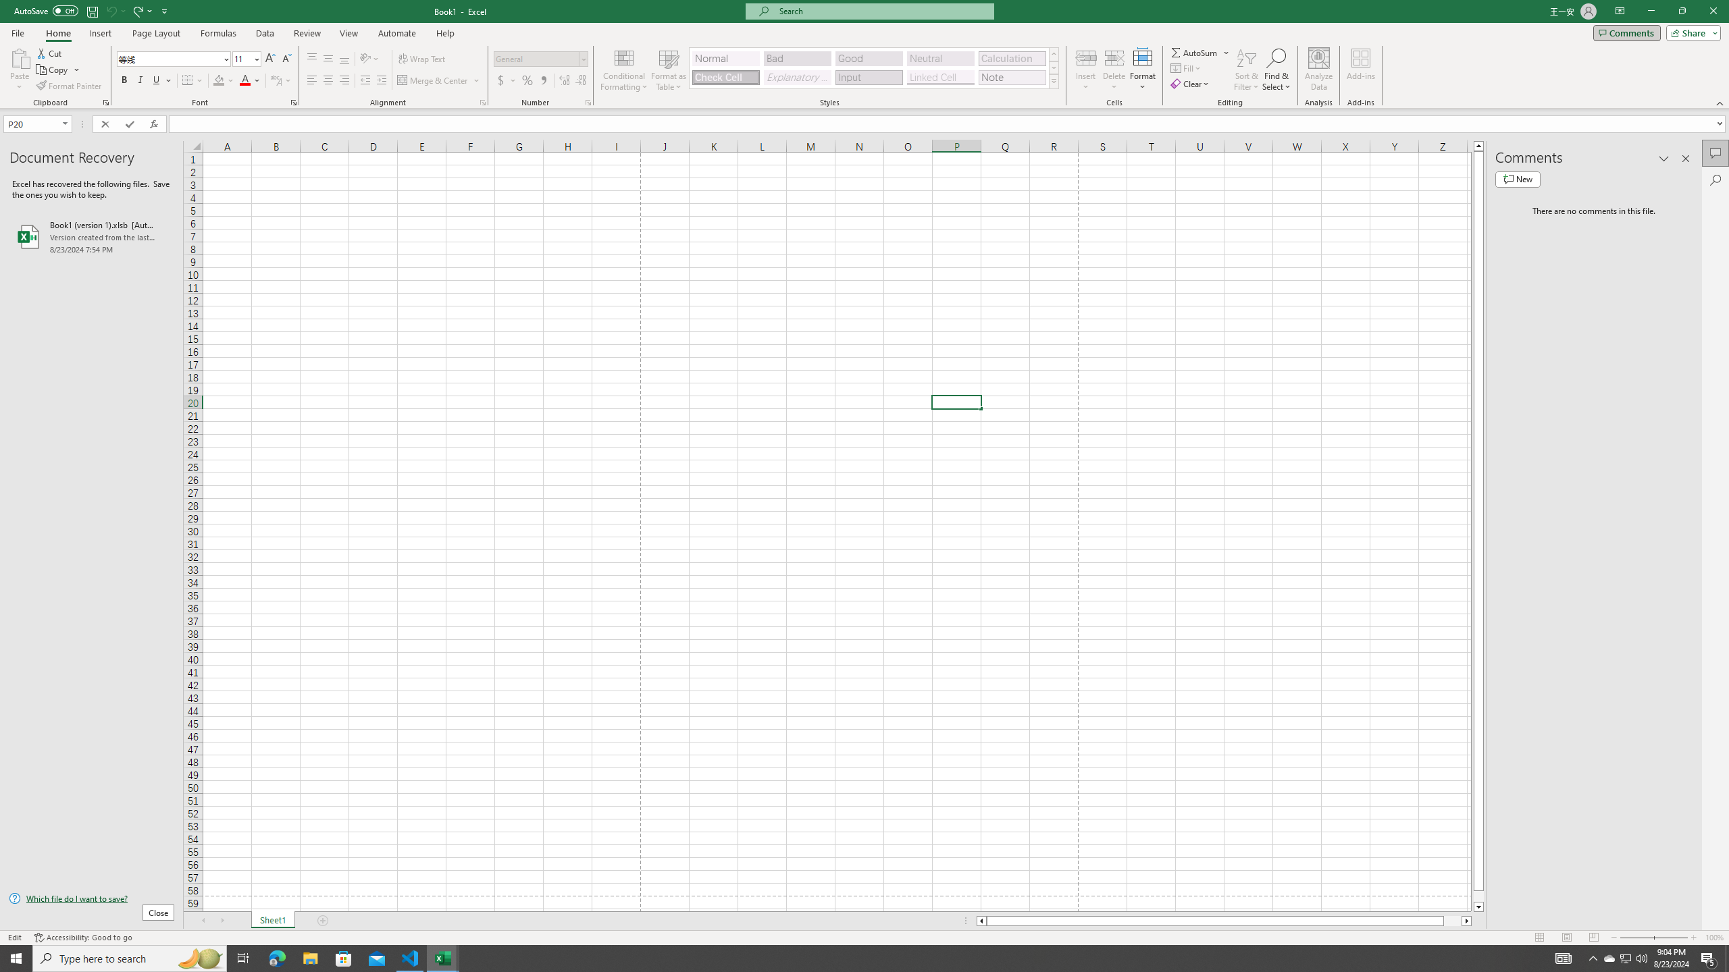 The width and height of the screenshot is (1729, 972). I want to click on 'Cut', so click(49, 53).